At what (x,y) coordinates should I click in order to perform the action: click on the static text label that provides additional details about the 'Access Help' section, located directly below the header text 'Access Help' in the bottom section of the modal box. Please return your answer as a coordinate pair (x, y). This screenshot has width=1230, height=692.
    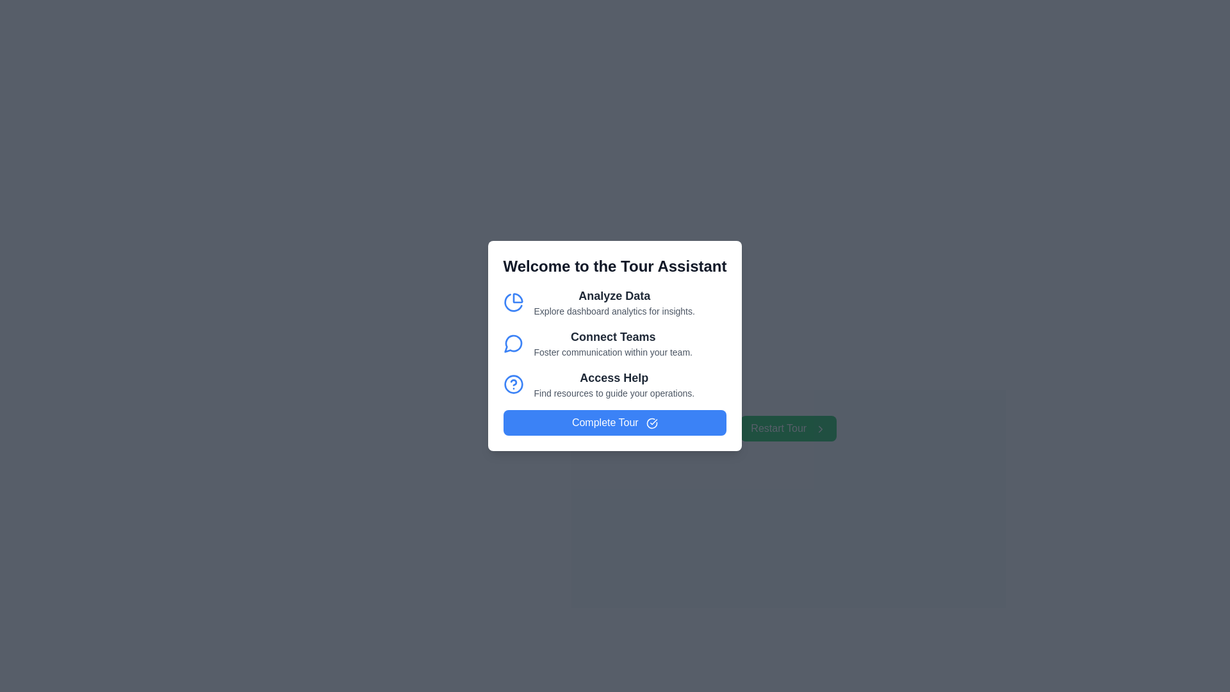
    Looking at the image, I should click on (613, 392).